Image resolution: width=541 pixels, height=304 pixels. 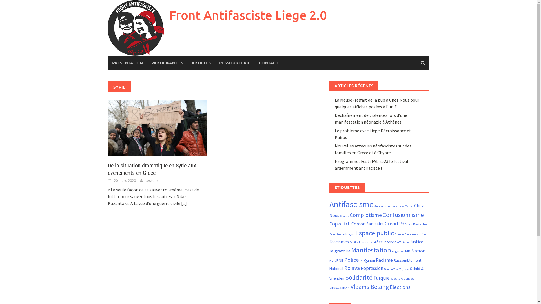 What do you see at coordinates (369, 287) in the screenshot?
I see `'Vlaams Belang'` at bounding box center [369, 287].